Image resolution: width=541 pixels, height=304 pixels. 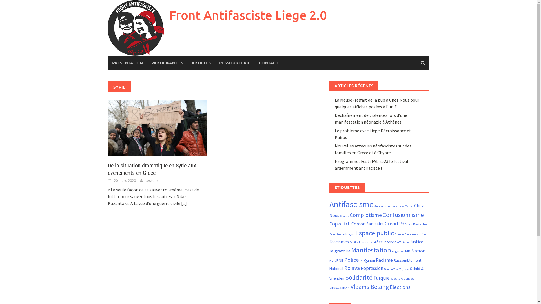 What do you see at coordinates (369, 287) in the screenshot?
I see `'Vlaams Belang'` at bounding box center [369, 287].